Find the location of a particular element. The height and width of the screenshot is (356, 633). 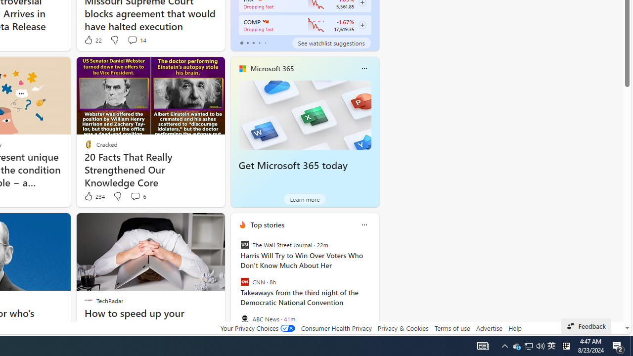

'View comments 14 Comment' is located at coordinates (136, 40).